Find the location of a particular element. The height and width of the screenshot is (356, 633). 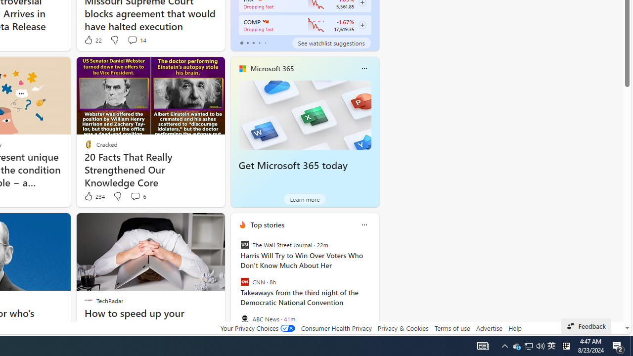

'View comments 14 Comment' is located at coordinates (136, 40).